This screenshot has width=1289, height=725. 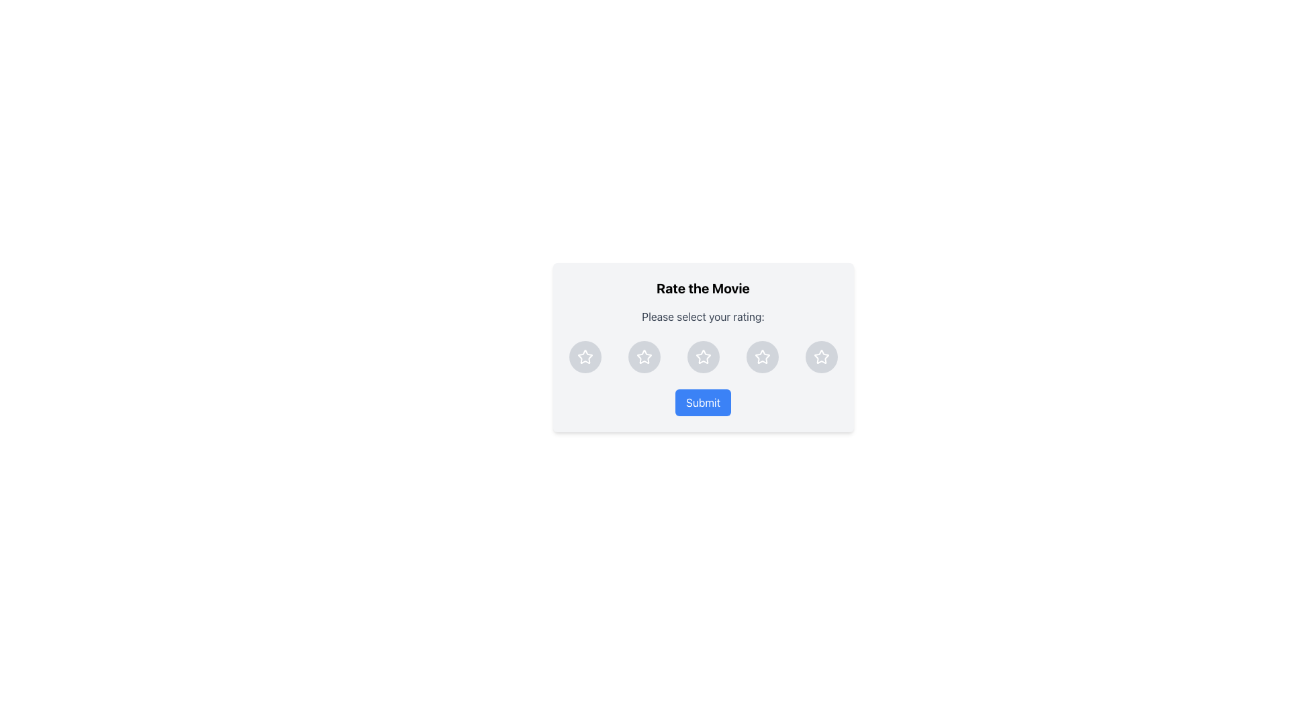 What do you see at coordinates (762, 356) in the screenshot?
I see `the fifth star icon in the star rating system` at bounding box center [762, 356].